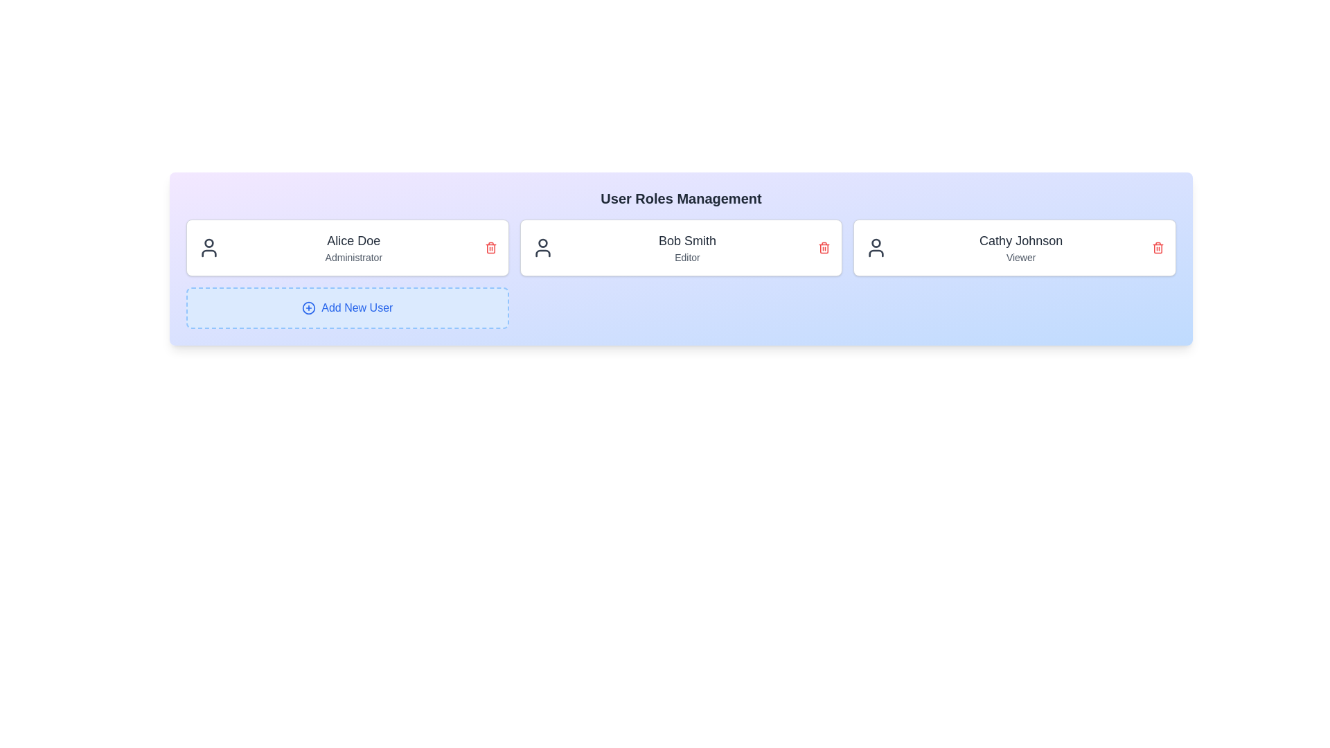  Describe the element at coordinates (490, 247) in the screenshot. I see `trash icon next to Alice Doe's name to remove them` at that location.